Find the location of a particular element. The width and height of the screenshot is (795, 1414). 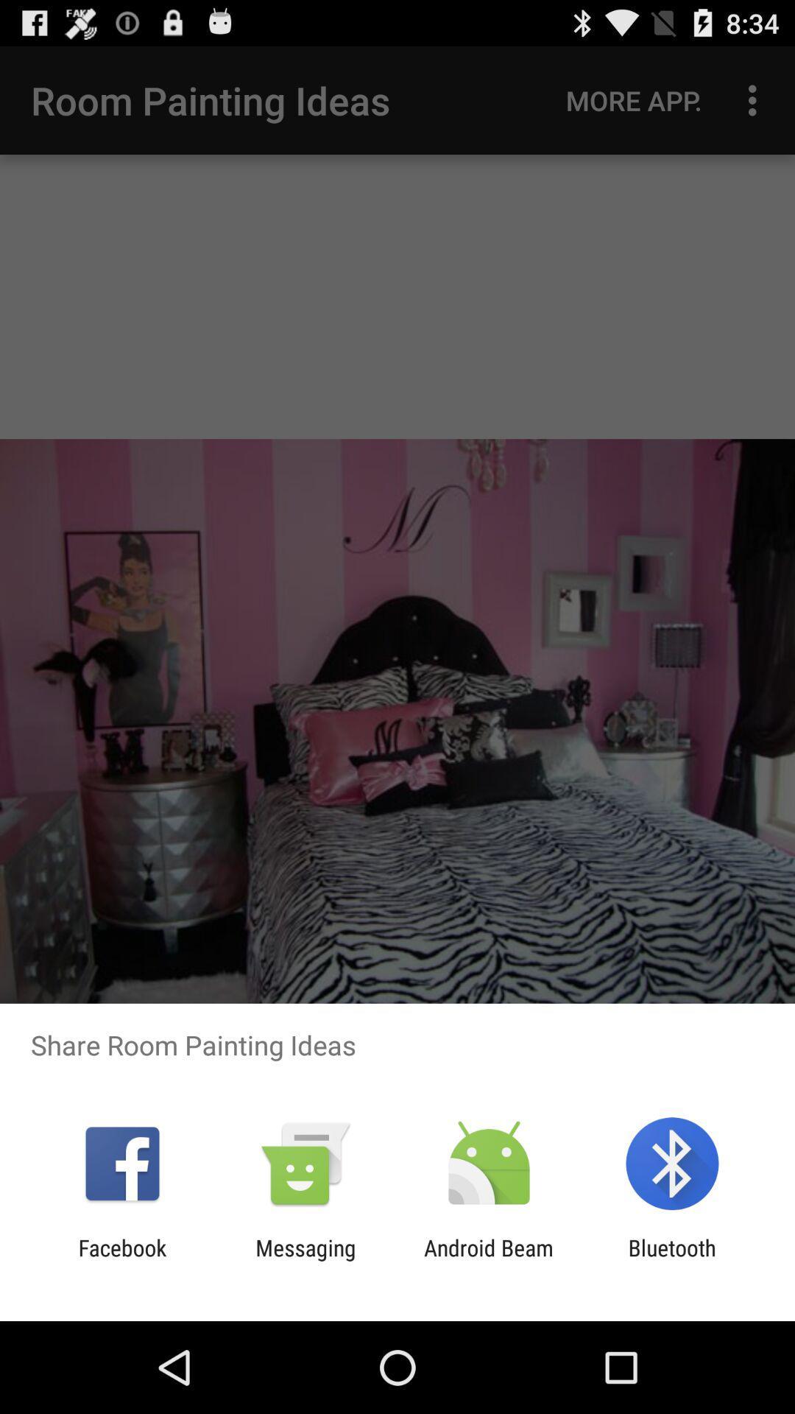

facebook is located at coordinates (121, 1260).